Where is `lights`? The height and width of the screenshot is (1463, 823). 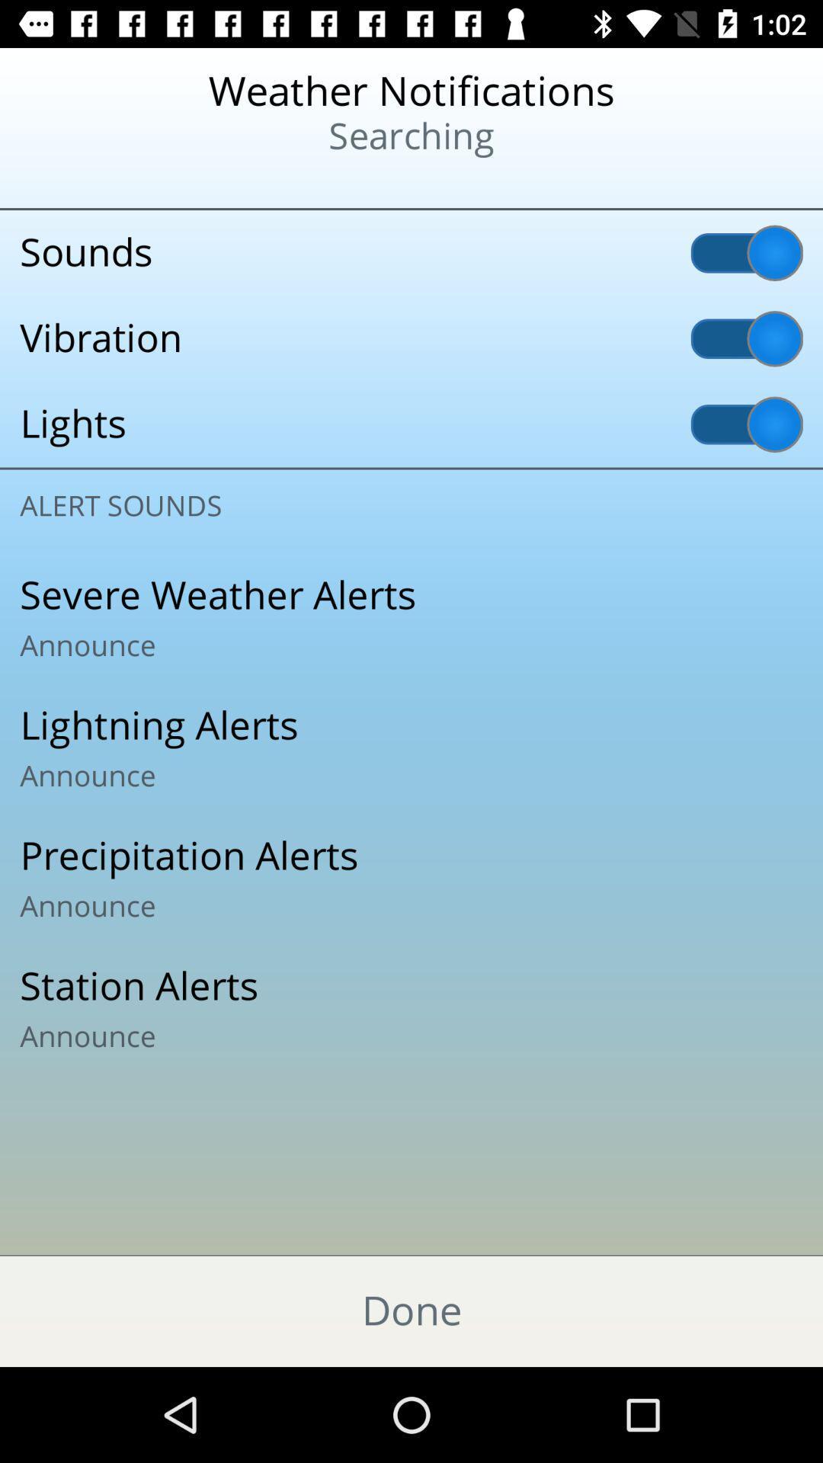
lights is located at coordinates (411, 424).